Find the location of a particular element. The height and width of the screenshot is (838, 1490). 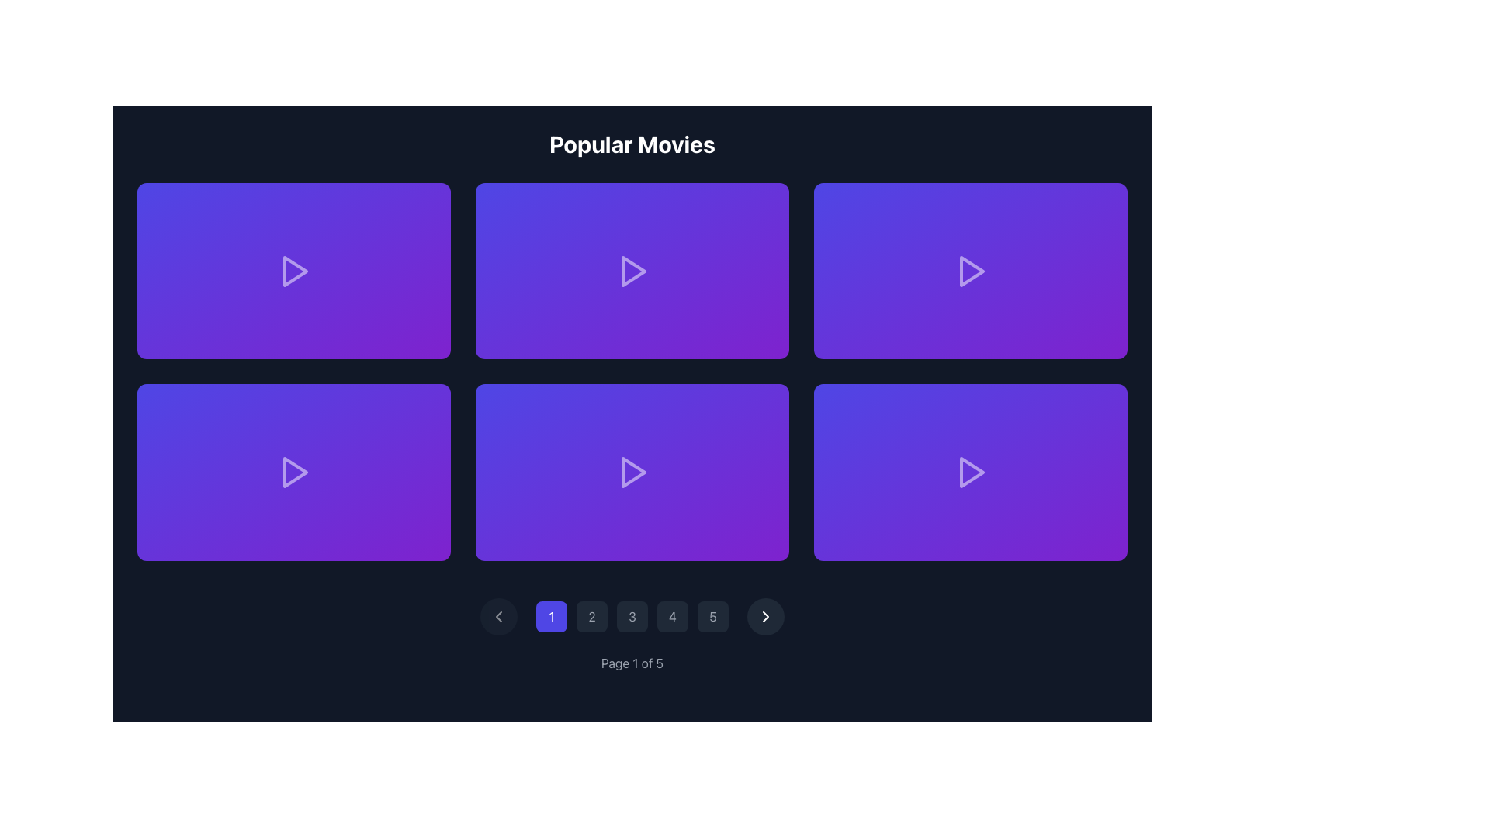

the leftward-pointing chevron icon styled as an SVG navigation arrow is located at coordinates (499, 615).